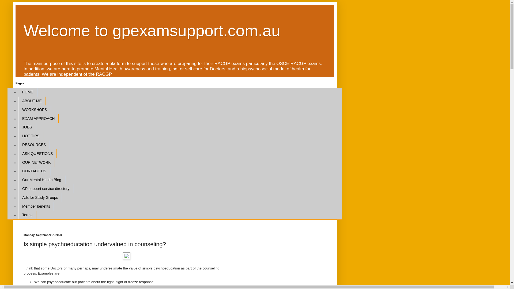 The width and height of the screenshot is (514, 289). Describe the element at coordinates (27, 215) in the screenshot. I see `'Terms'` at that location.